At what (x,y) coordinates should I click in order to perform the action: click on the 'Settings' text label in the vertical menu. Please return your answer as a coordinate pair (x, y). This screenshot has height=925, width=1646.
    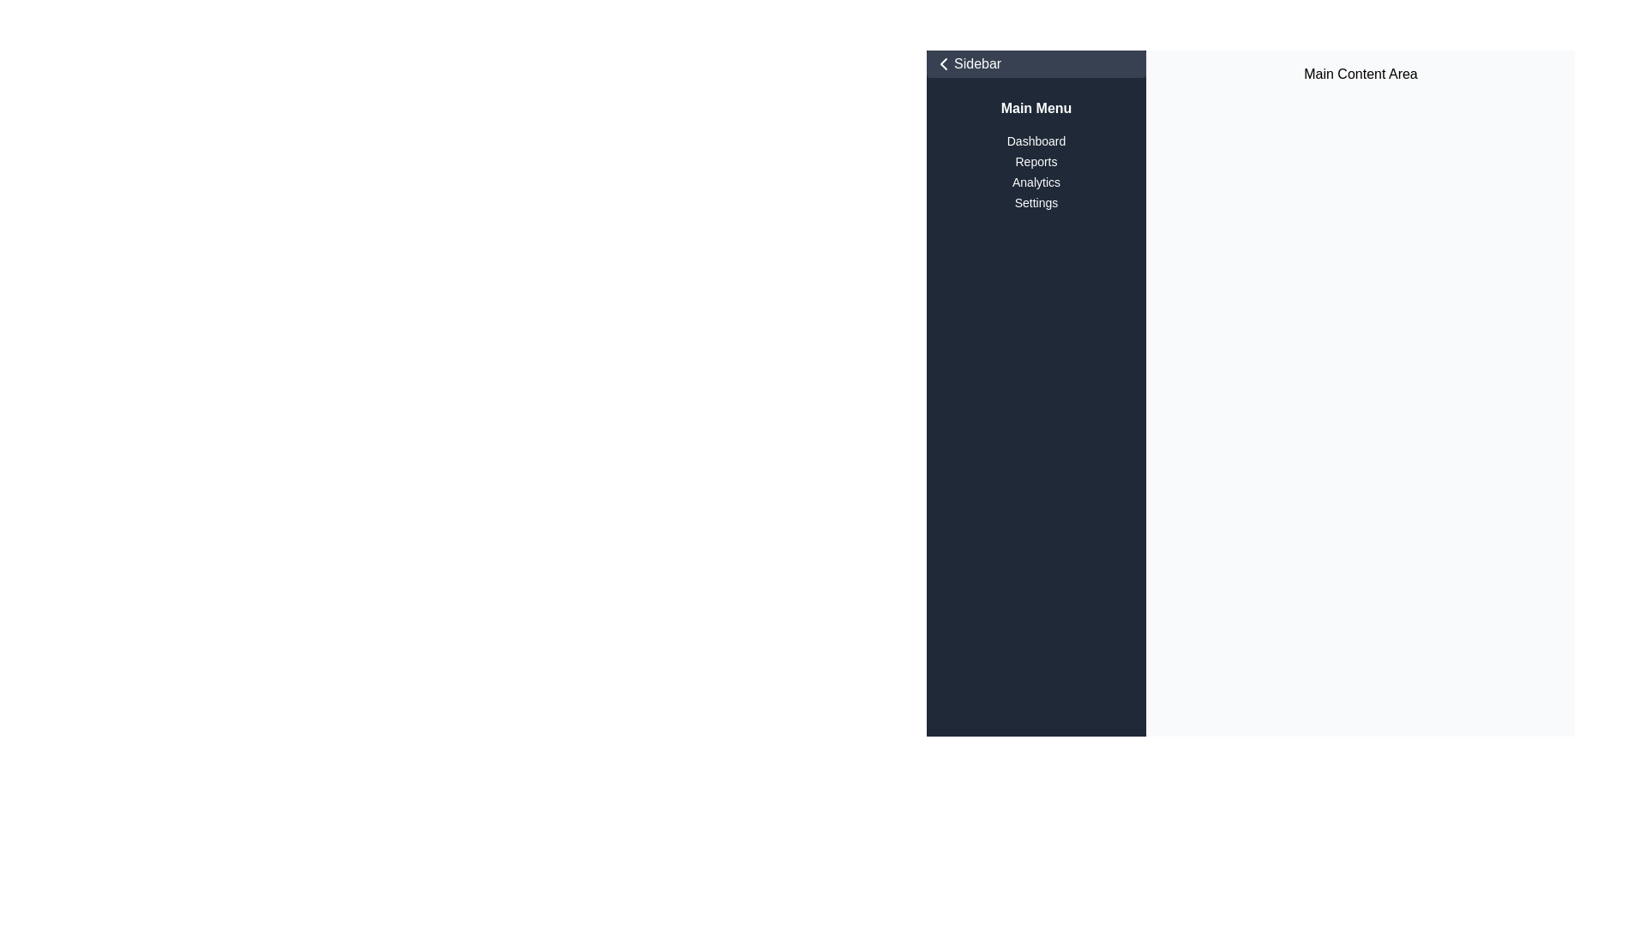
    Looking at the image, I should click on (1036, 201).